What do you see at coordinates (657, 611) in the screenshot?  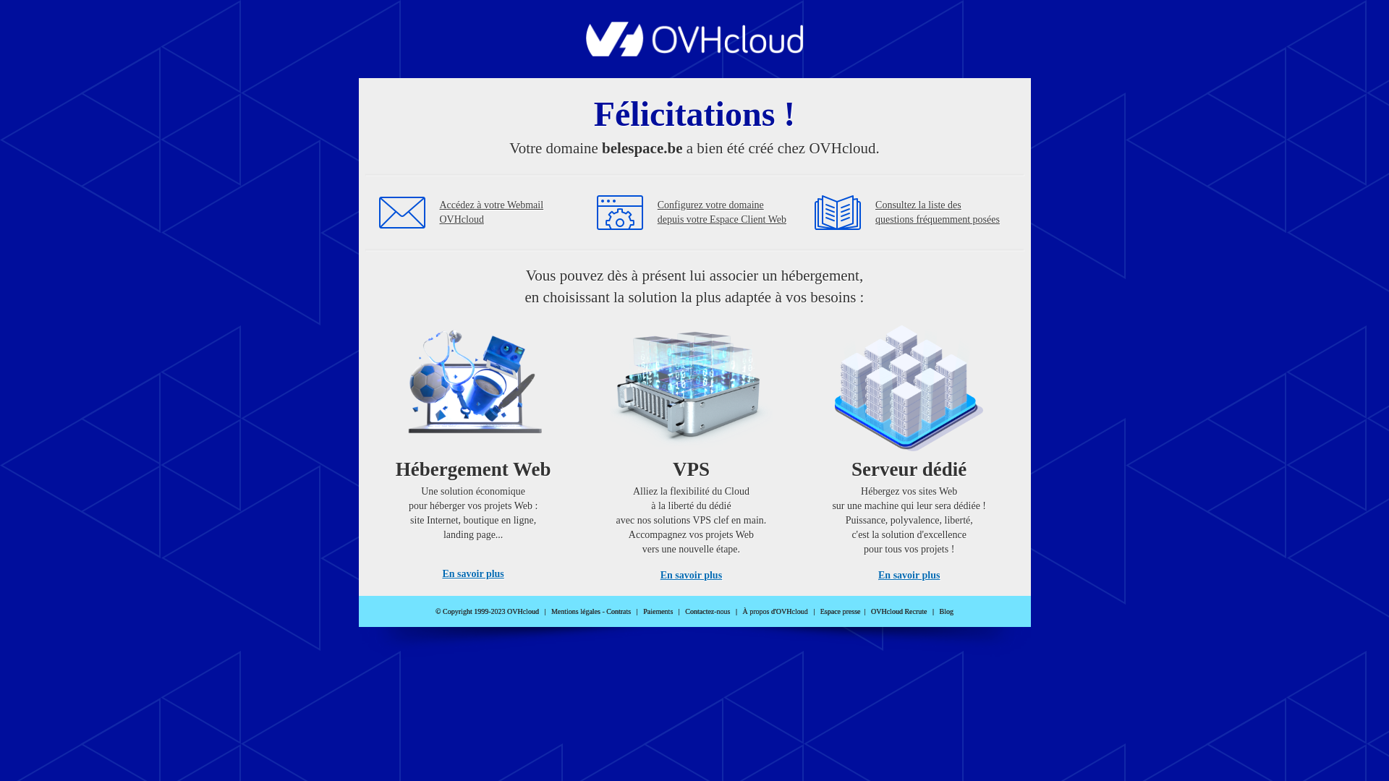 I see `'Paiements'` at bounding box center [657, 611].